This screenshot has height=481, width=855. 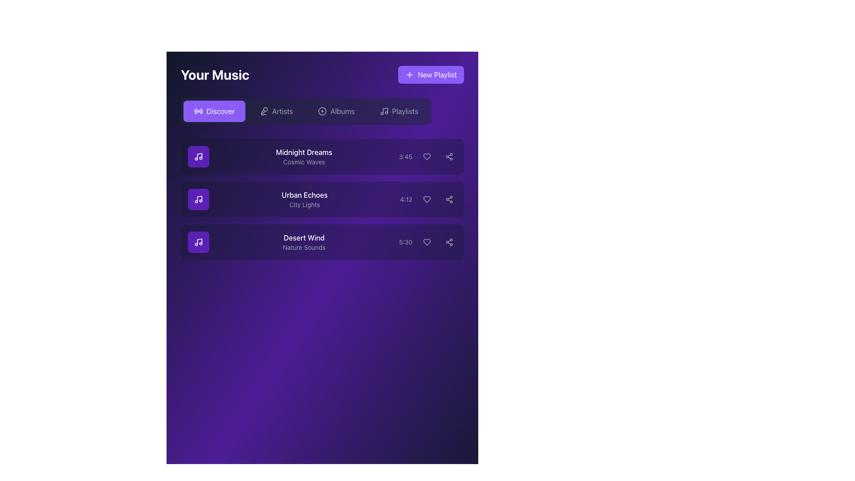 I want to click on the song entry titled 'Urban Echoes', so click(x=322, y=199).